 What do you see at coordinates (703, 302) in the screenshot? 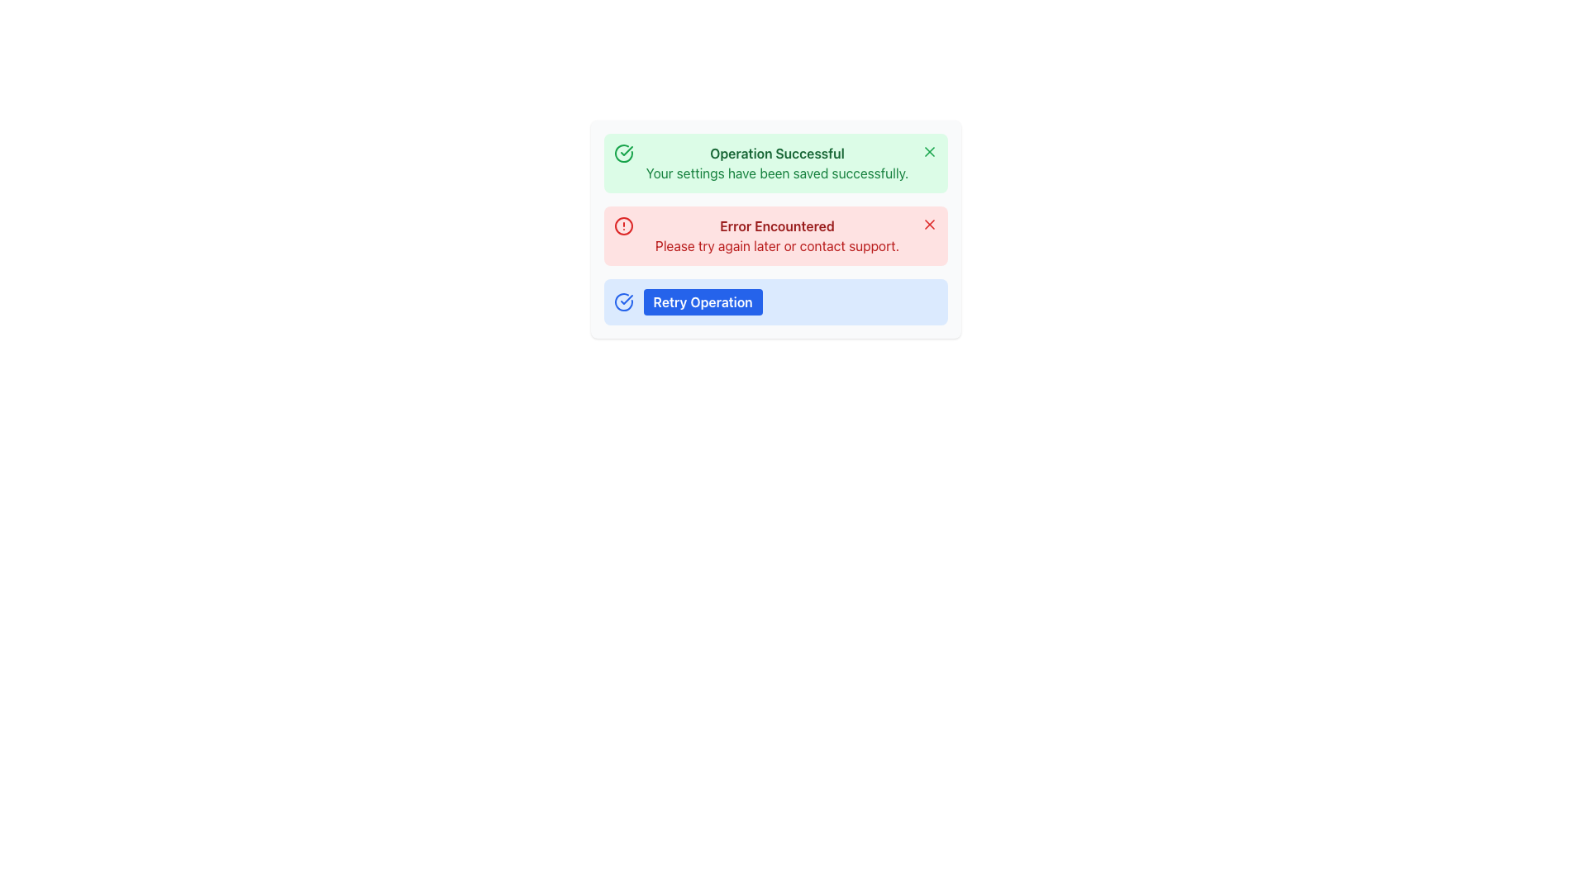
I see `the 'Retry Operation' button located in the lower section of the notification messages, adjacent to the blue circular icon with a checkmark` at bounding box center [703, 302].